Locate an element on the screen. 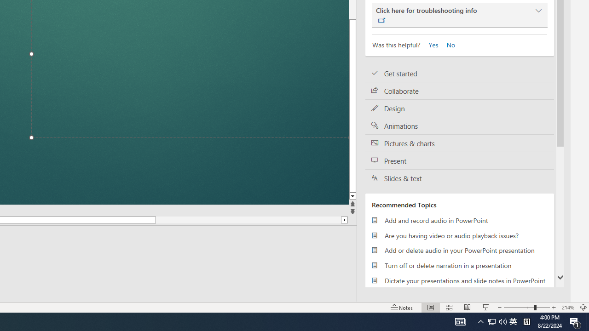 The height and width of the screenshot is (331, 589). 'Yes' is located at coordinates (430, 44).